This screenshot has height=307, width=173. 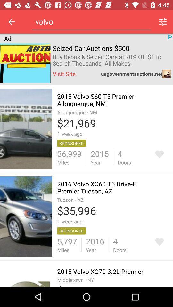 What do you see at coordinates (159, 154) in the screenshot?
I see `favorites the car listing` at bounding box center [159, 154].